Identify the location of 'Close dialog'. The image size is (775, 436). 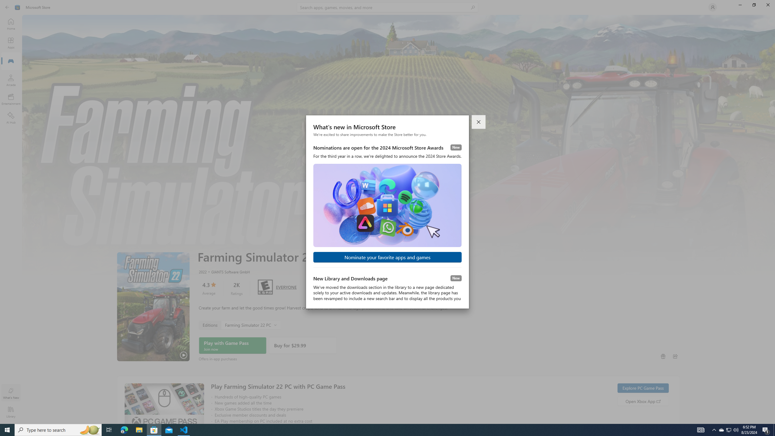
(479, 122).